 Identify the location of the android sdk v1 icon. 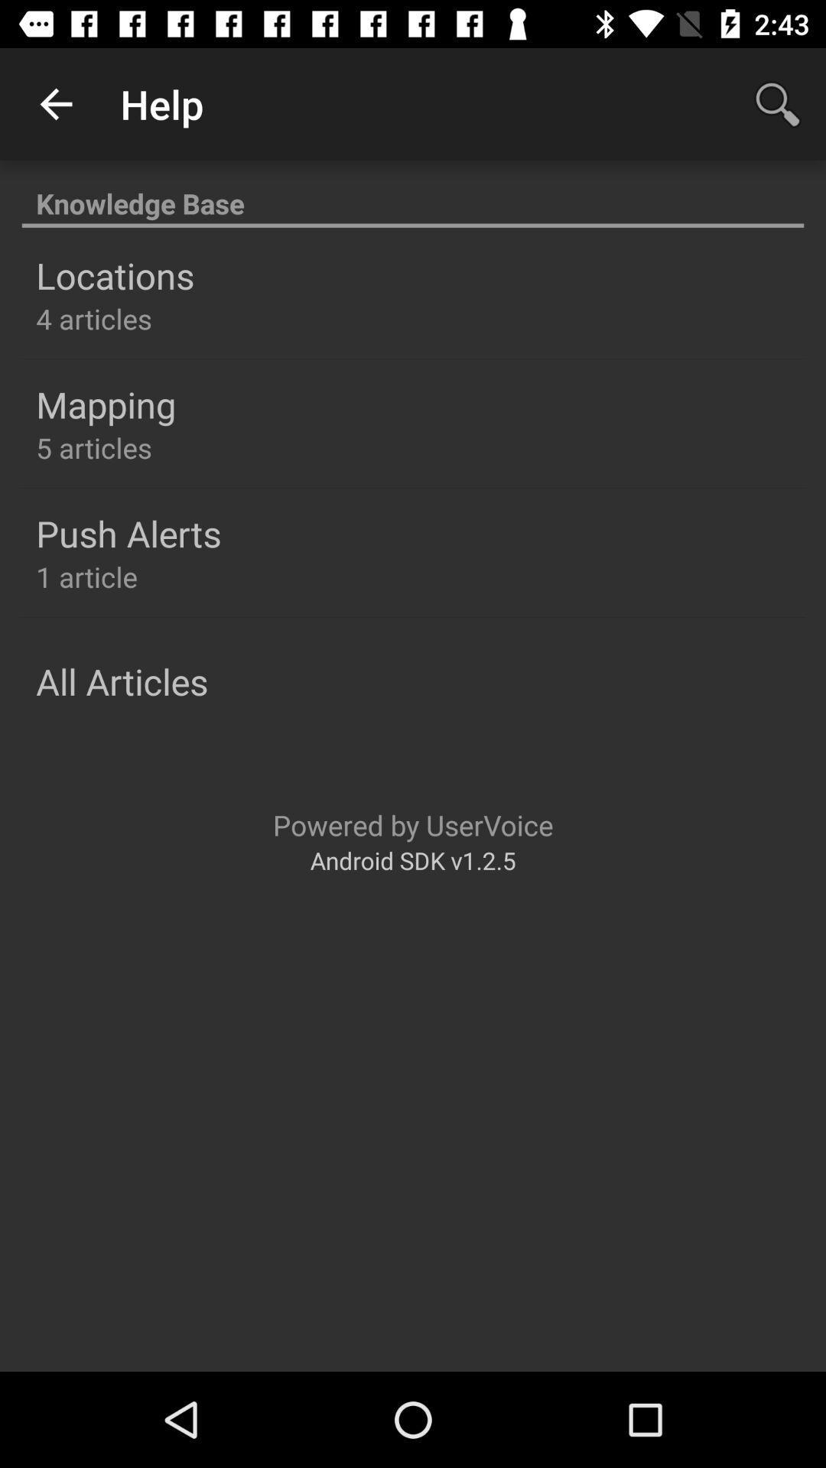
(413, 860).